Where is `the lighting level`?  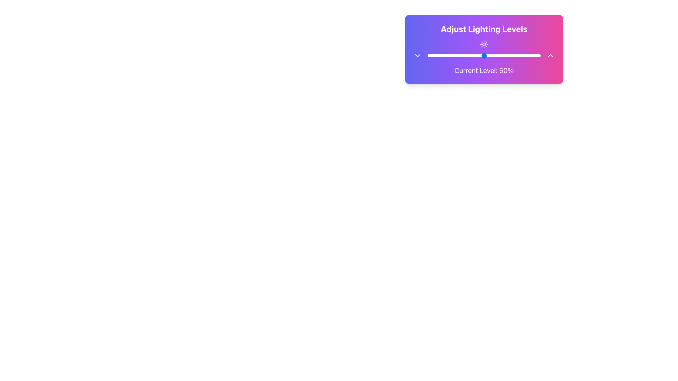 the lighting level is located at coordinates (447, 55).